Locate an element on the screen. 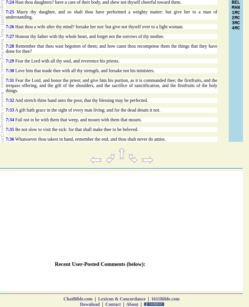 The image size is (249, 307). '7:32' is located at coordinates (5, 100).